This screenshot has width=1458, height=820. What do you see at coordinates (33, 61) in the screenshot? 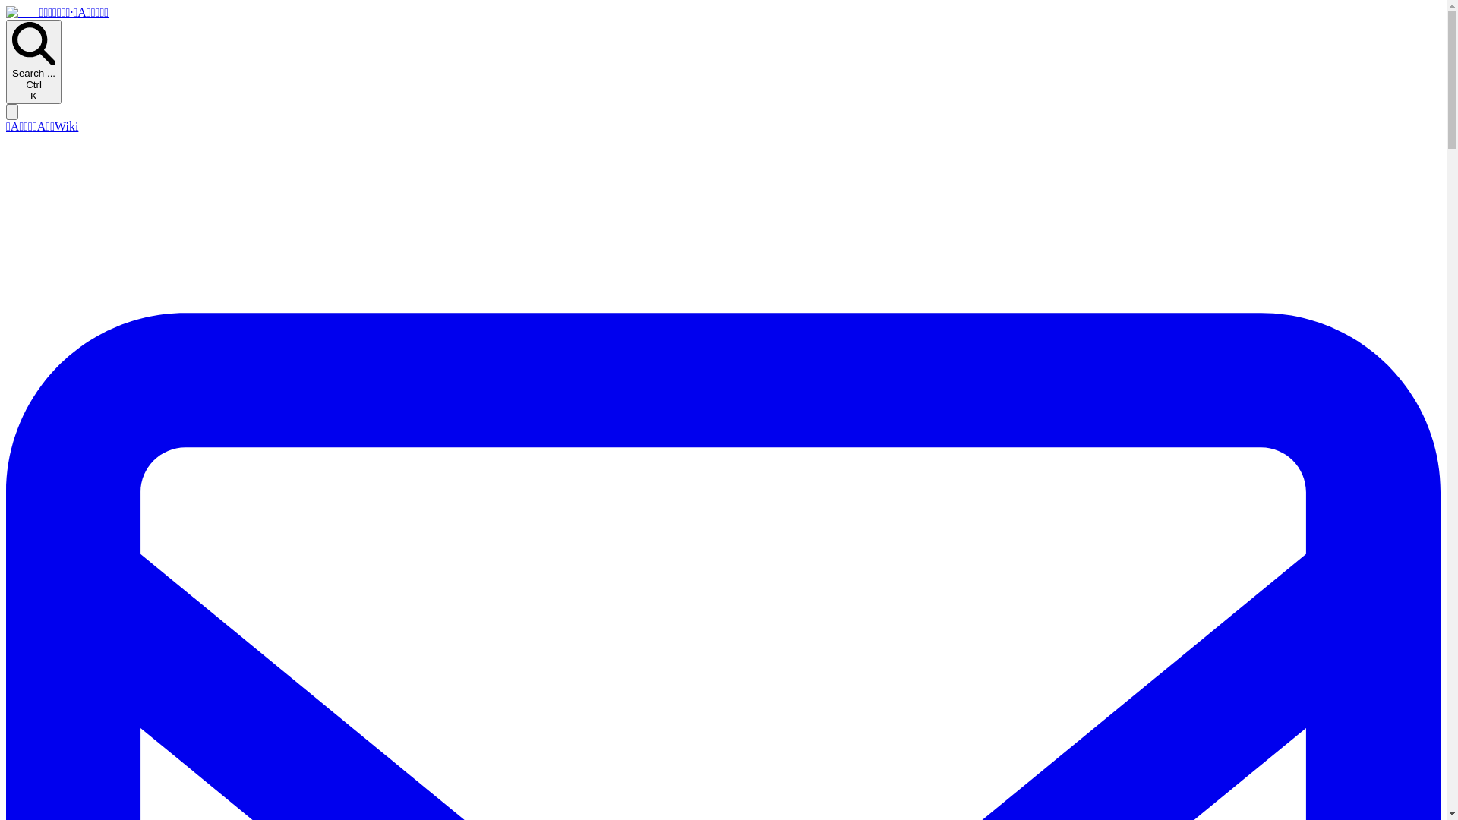
I see `'Search ...` at bounding box center [33, 61].